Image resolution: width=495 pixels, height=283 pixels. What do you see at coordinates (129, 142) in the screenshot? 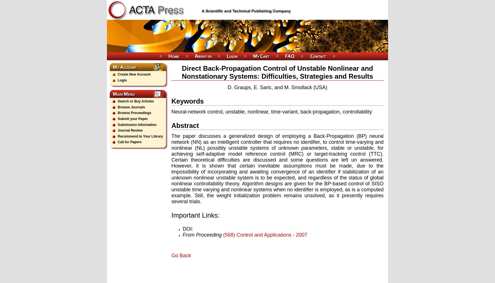
I see `'Call for Papers'` at bounding box center [129, 142].